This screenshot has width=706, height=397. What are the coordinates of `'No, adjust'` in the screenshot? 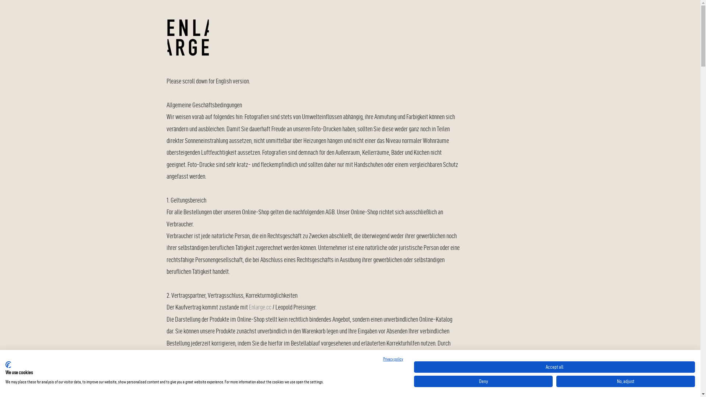 It's located at (625, 381).